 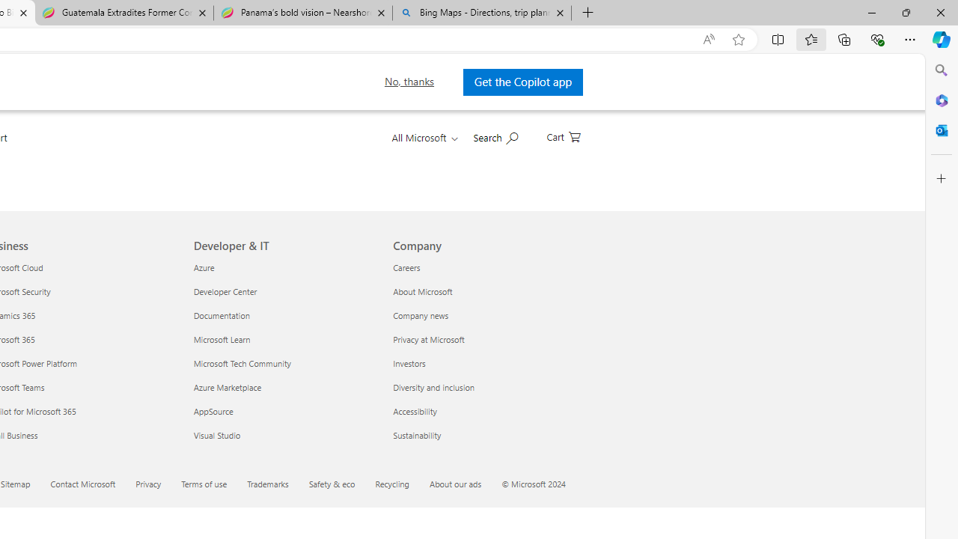 What do you see at coordinates (562, 135) in the screenshot?
I see `'0 items in shopping cart'` at bounding box center [562, 135].